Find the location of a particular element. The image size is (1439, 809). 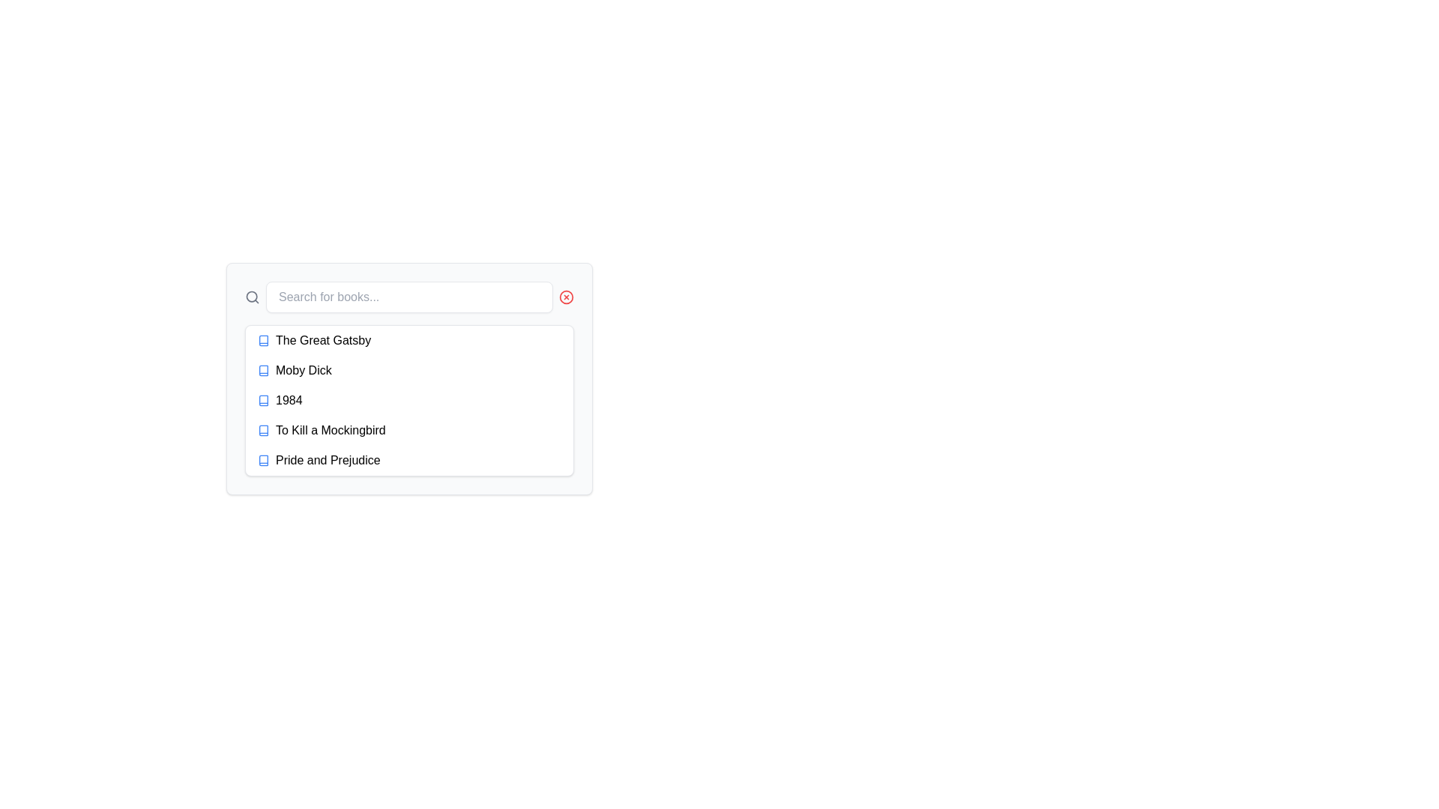

the small blue-colored book icon located to the left of the 'Moby Dick' text in the dropdown list below the 'Search for books...' input field is located at coordinates (263, 370).